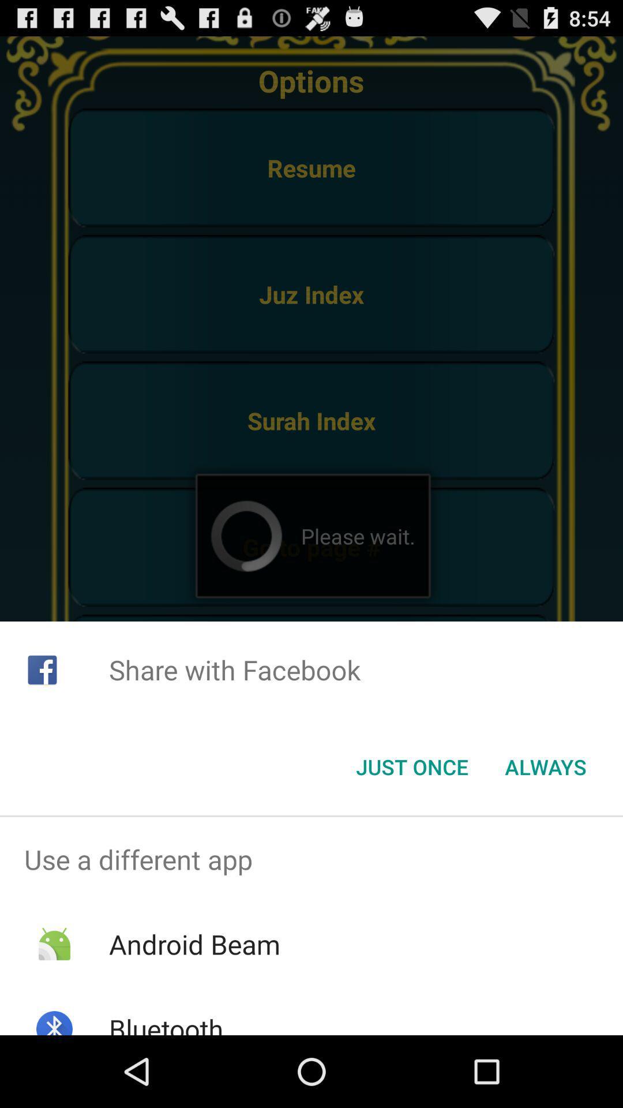 Image resolution: width=623 pixels, height=1108 pixels. Describe the element at coordinates (194, 944) in the screenshot. I see `android beam icon` at that location.